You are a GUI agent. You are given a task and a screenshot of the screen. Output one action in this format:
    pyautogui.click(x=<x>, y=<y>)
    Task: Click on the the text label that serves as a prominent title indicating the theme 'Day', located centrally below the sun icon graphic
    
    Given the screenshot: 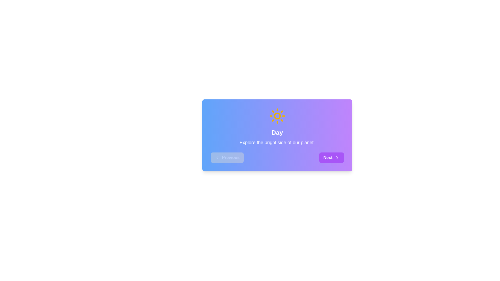 What is the action you would take?
    pyautogui.click(x=277, y=132)
    